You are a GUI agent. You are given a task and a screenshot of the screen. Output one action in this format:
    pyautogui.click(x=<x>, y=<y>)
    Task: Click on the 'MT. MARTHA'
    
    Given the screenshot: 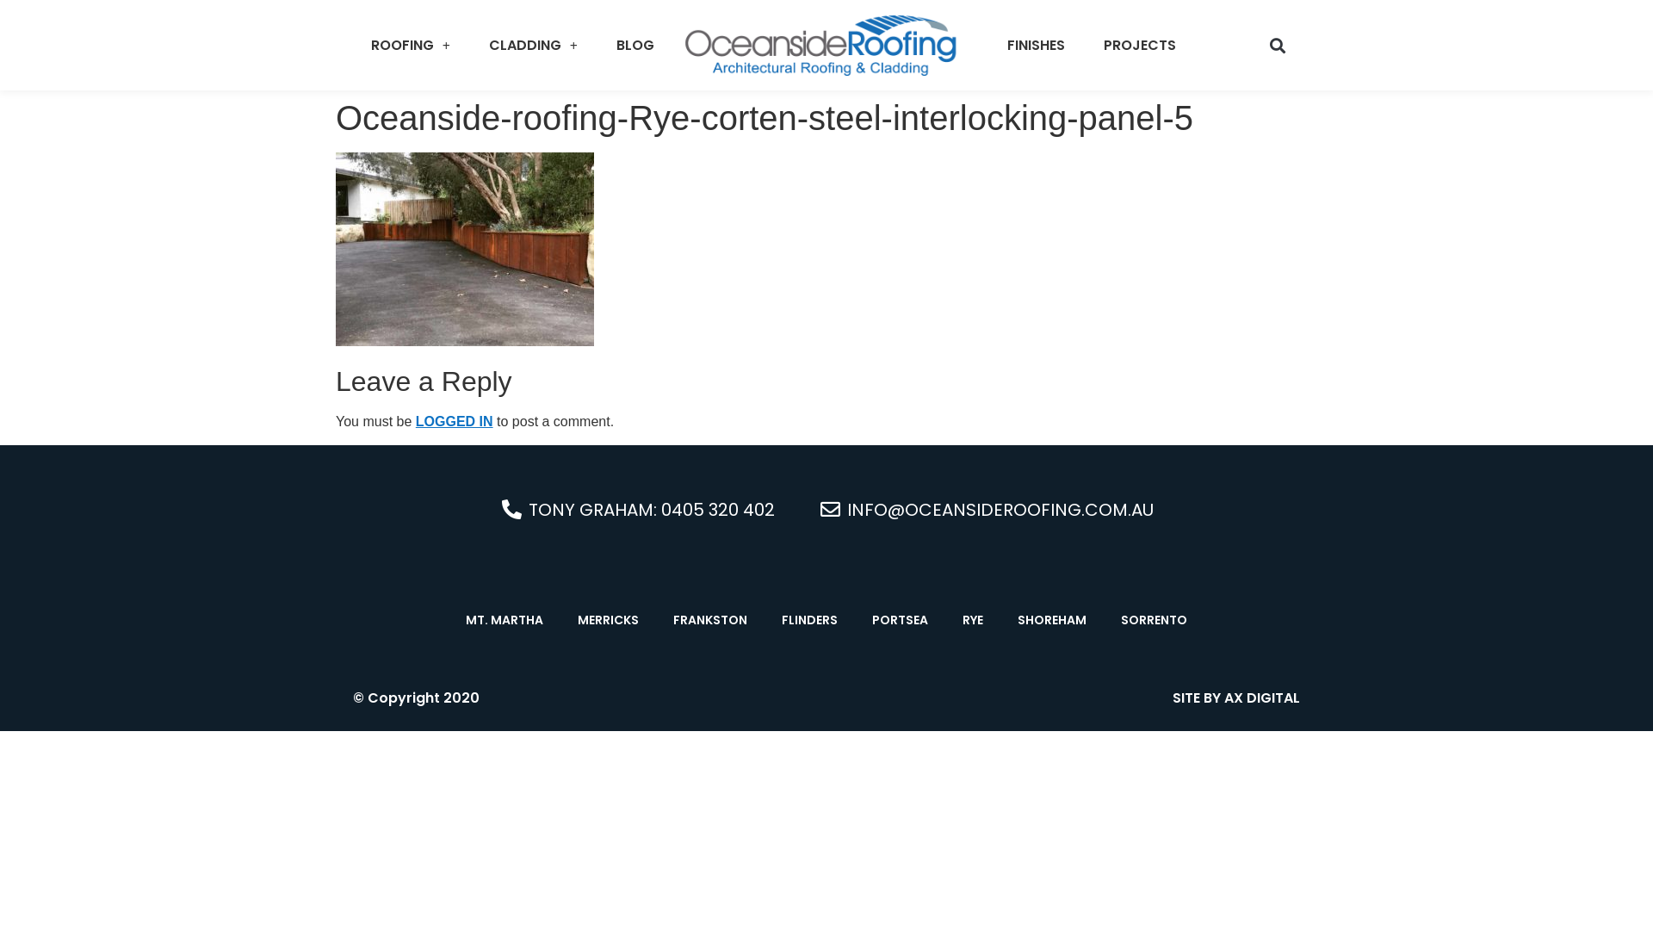 What is the action you would take?
    pyautogui.click(x=503, y=620)
    